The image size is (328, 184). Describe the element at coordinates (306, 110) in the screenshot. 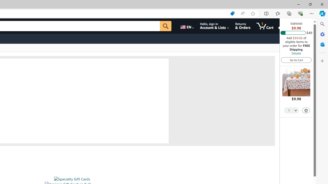

I see `'Delete'` at that location.